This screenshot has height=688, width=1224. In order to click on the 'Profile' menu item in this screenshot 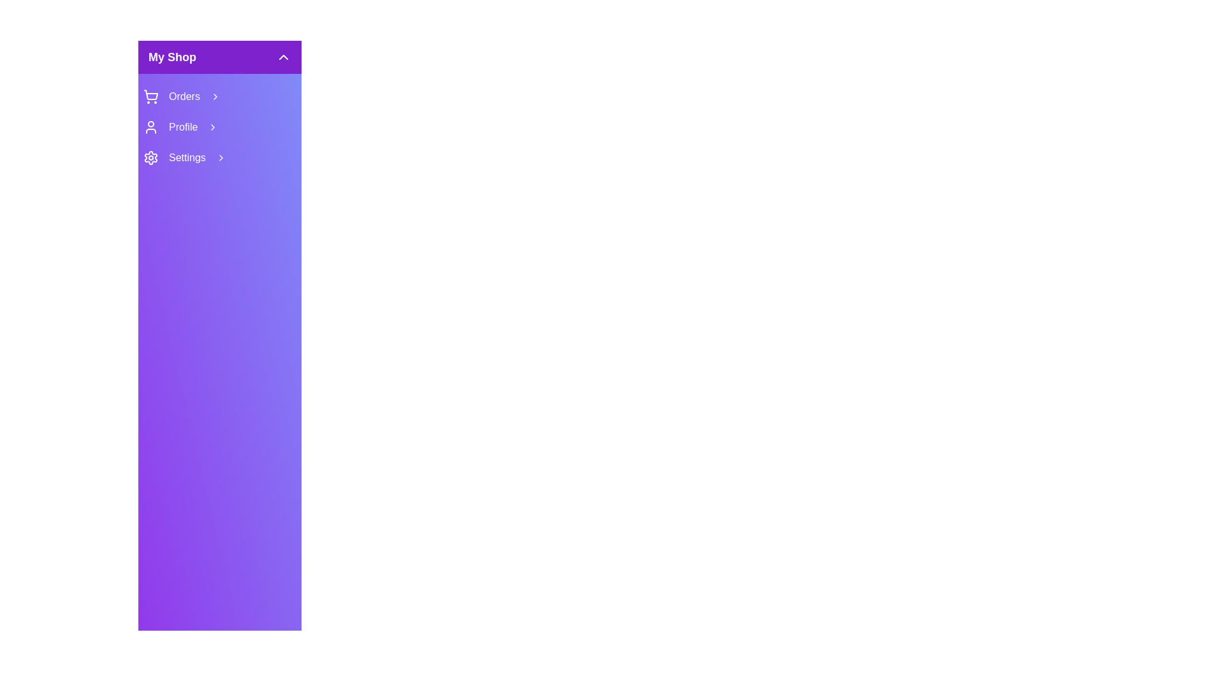, I will do `click(220, 127)`.